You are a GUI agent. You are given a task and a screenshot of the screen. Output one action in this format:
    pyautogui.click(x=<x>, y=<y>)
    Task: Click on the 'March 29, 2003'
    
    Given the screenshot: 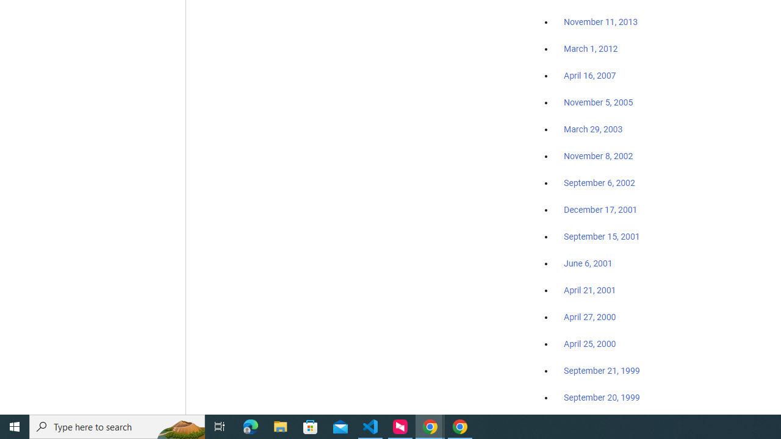 What is the action you would take?
    pyautogui.click(x=593, y=129)
    